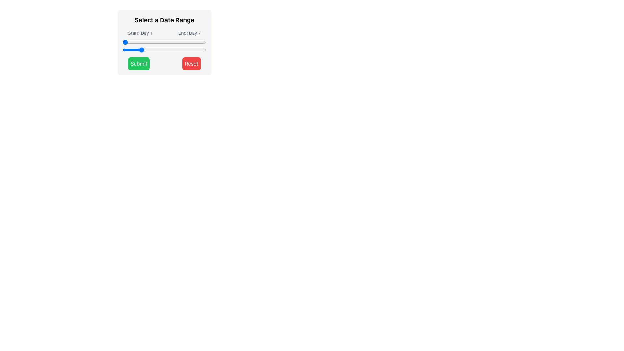 This screenshot has height=351, width=624. I want to click on the slider, so click(191, 42).